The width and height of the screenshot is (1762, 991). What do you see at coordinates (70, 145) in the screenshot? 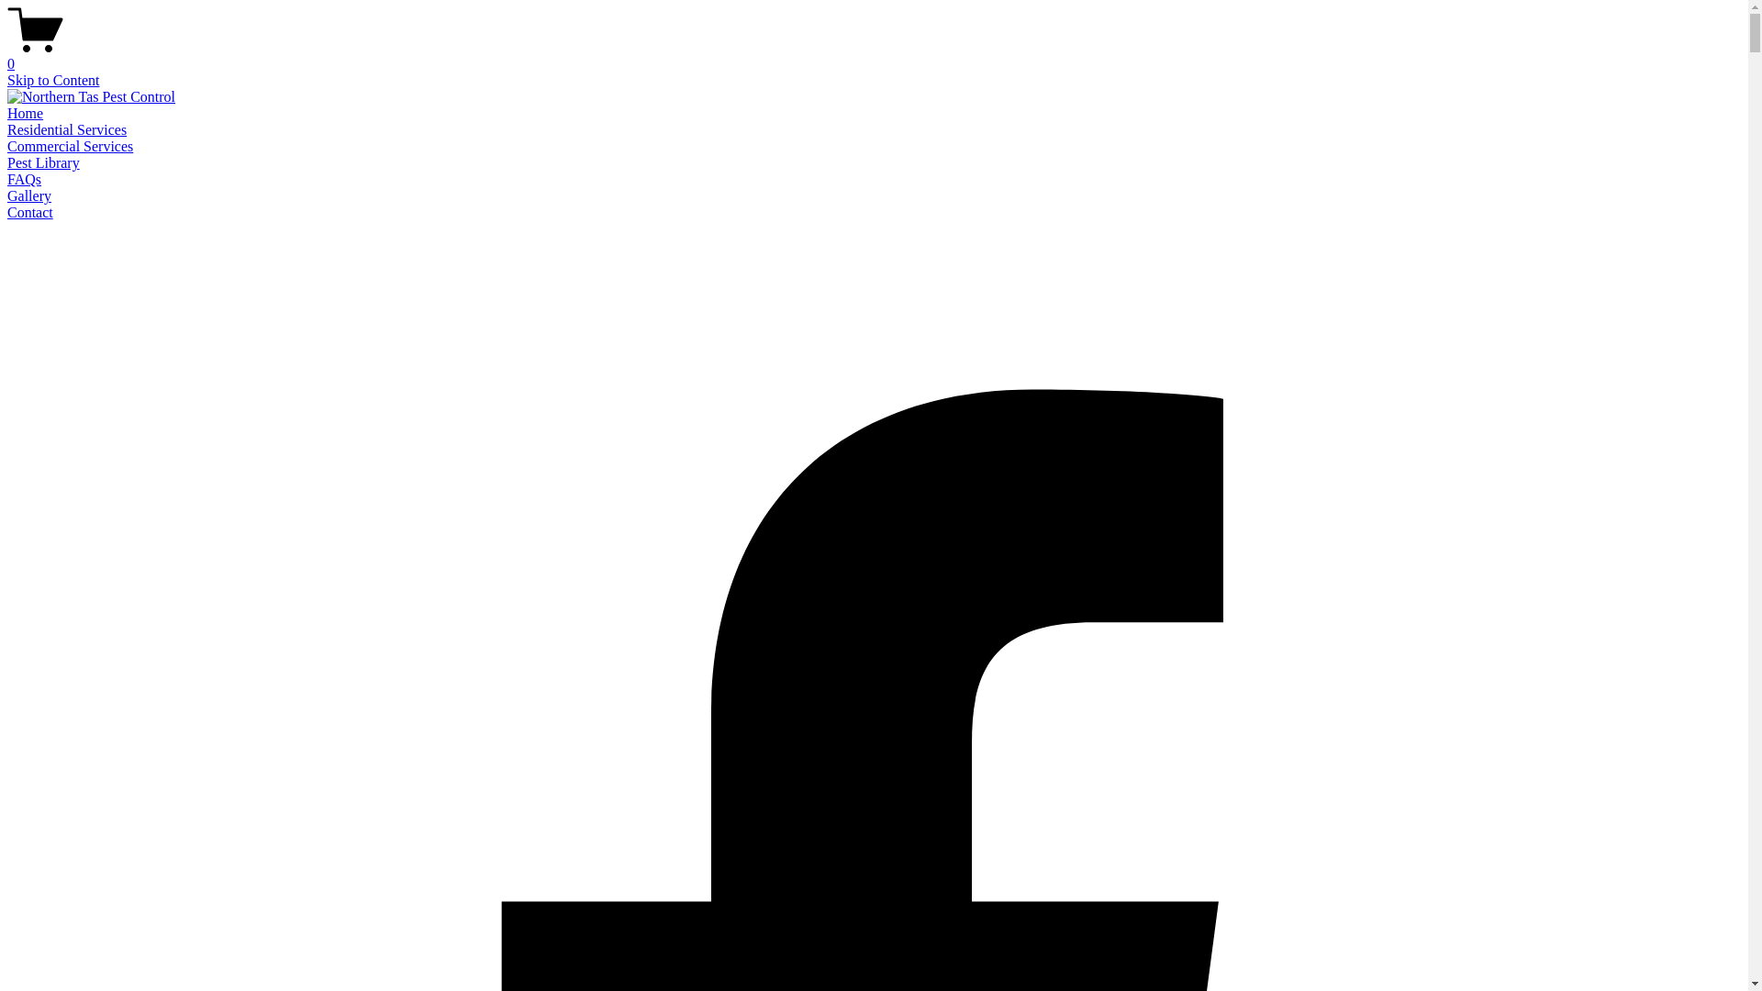
I see `'Commercial Services'` at bounding box center [70, 145].